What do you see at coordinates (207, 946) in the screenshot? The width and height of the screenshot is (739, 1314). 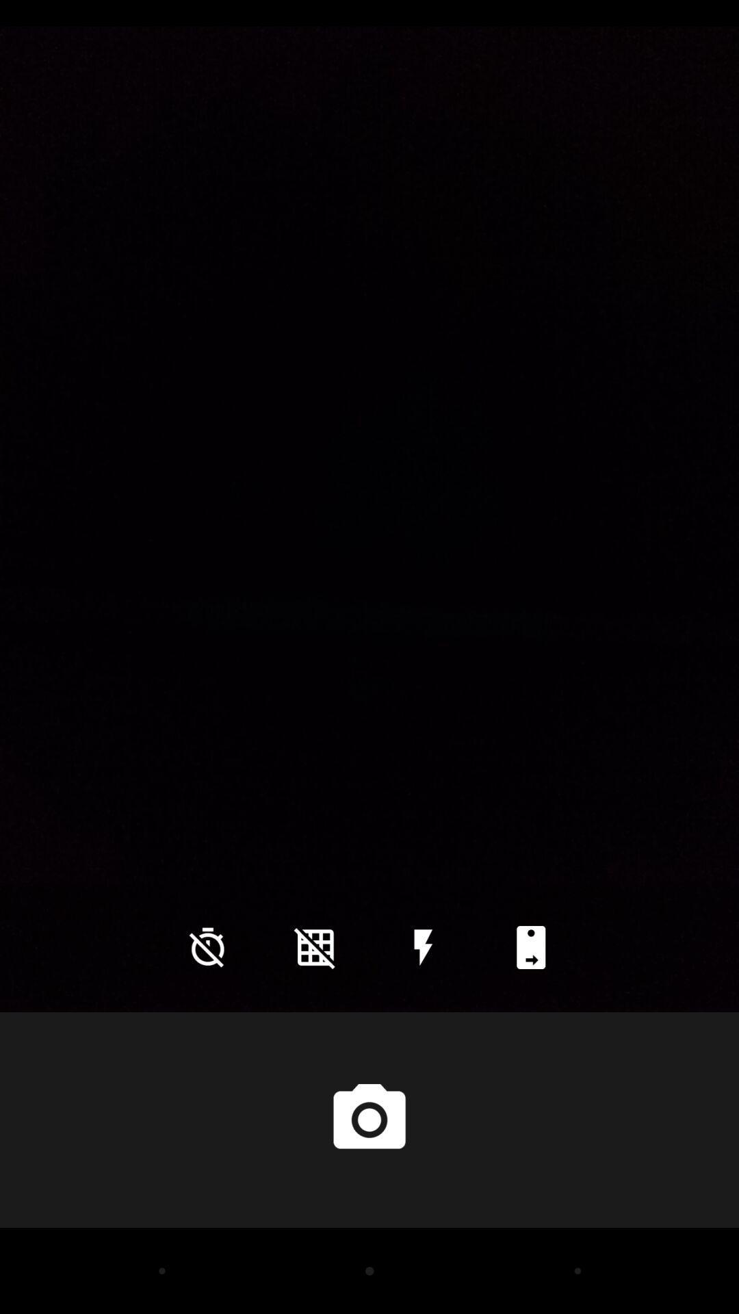 I see `the item at the bottom left corner` at bounding box center [207, 946].